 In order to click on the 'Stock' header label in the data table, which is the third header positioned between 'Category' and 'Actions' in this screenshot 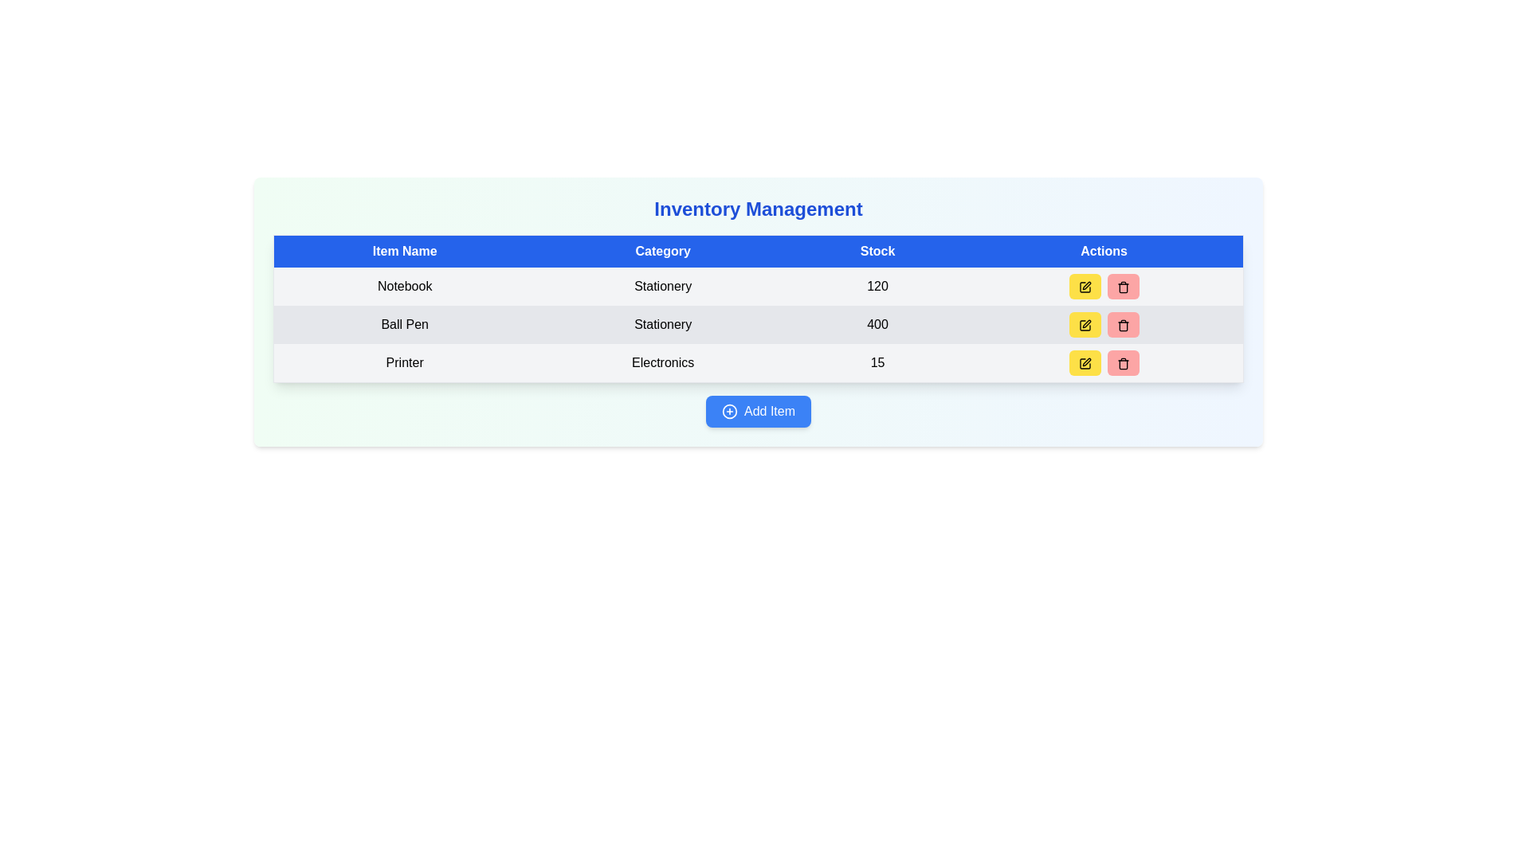, I will do `click(877, 251)`.